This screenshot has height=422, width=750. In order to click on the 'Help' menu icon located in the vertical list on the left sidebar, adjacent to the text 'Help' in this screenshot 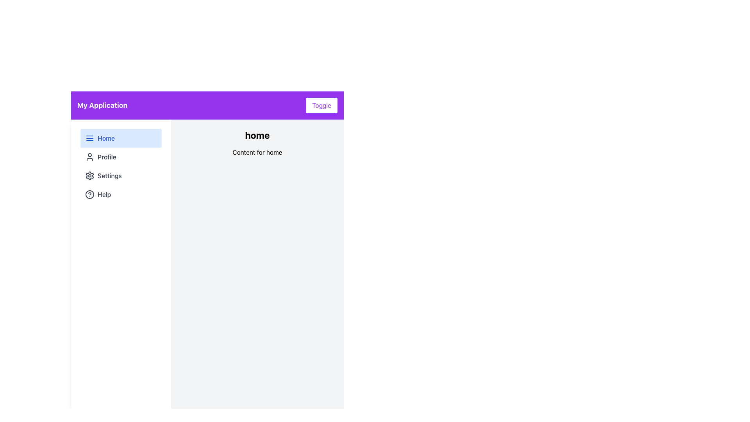, I will do `click(90, 194)`.